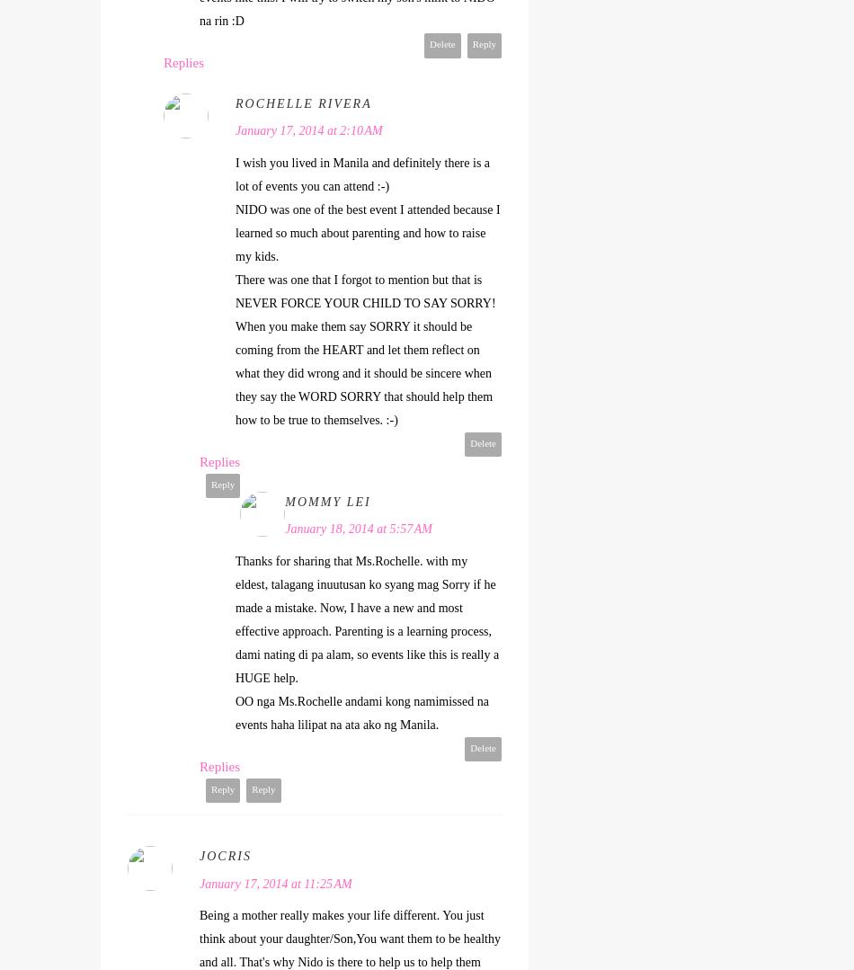 Image resolution: width=854 pixels, height=970 pixels. Describe the element at coordinates (357, 529) in the screenshot. I see `'January 18, 2014 at 5:57 AM'` at that location.